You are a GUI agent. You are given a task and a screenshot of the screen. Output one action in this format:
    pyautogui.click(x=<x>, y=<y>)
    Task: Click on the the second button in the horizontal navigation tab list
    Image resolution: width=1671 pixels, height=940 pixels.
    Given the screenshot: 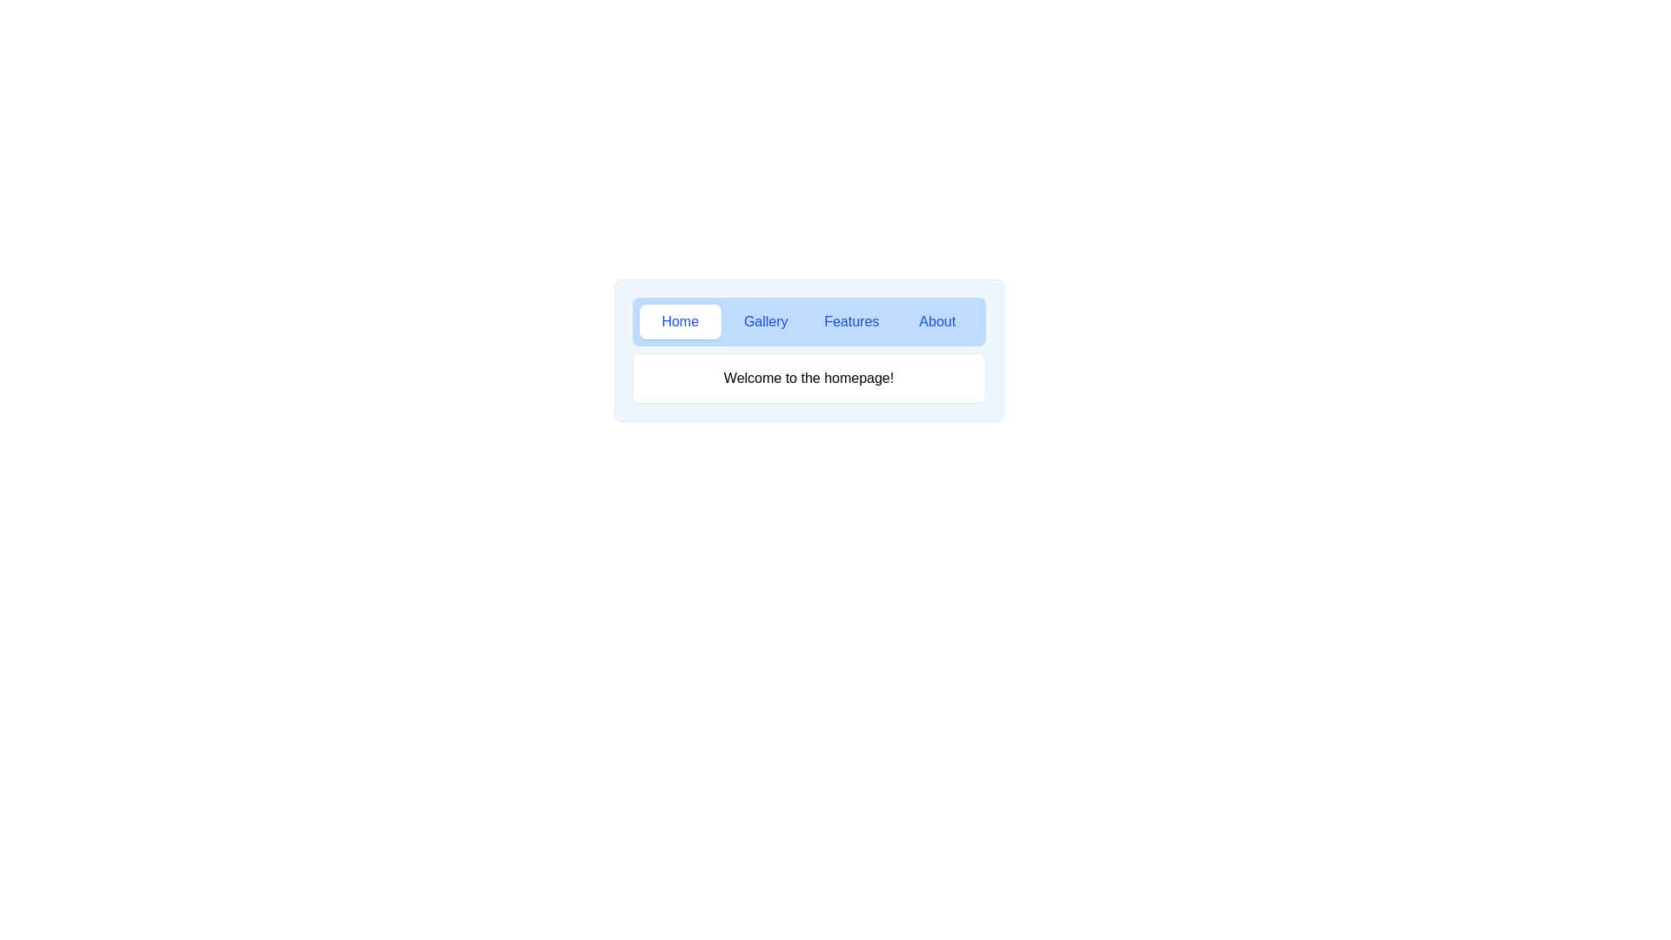 What is the action you would take?
    pyautogui.click(x=766, y=322)
    